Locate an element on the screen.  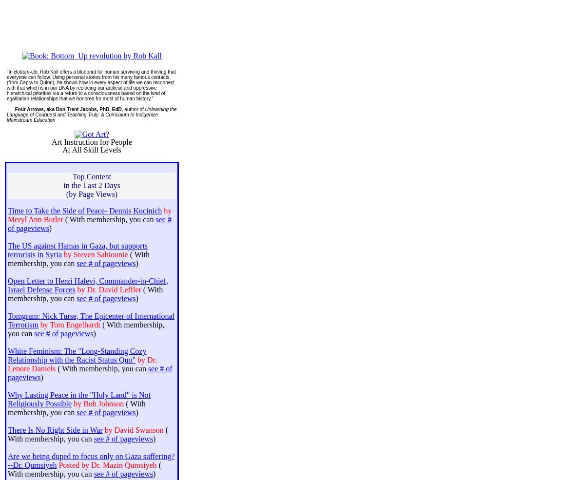
'Why Lasting Peace in the "Holy Land" is Not Religiously Possible' is located at coordinates (78, 399).